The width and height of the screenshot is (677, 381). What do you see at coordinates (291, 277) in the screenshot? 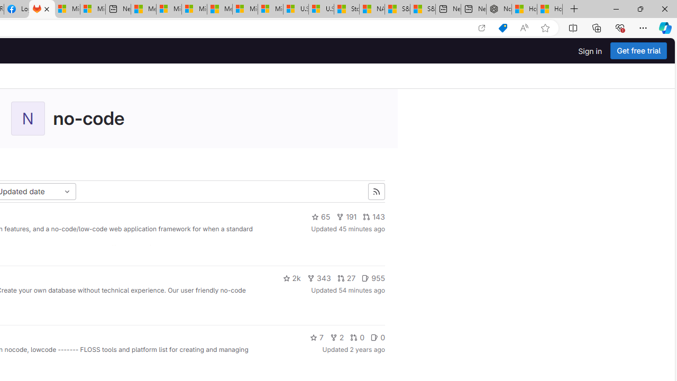
I see `'2k'` at bounding box center [291, 277].